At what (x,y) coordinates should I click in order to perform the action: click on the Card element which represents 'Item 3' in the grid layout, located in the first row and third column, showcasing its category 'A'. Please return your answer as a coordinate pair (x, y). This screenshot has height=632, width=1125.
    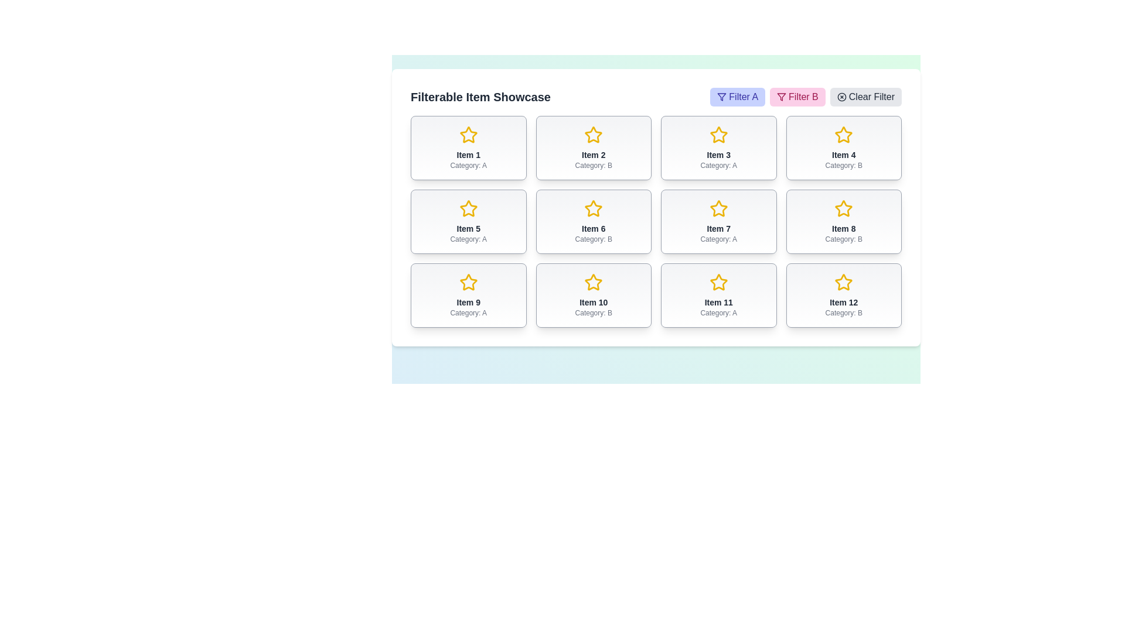
    Looking at the image, I should click on (718, 147).